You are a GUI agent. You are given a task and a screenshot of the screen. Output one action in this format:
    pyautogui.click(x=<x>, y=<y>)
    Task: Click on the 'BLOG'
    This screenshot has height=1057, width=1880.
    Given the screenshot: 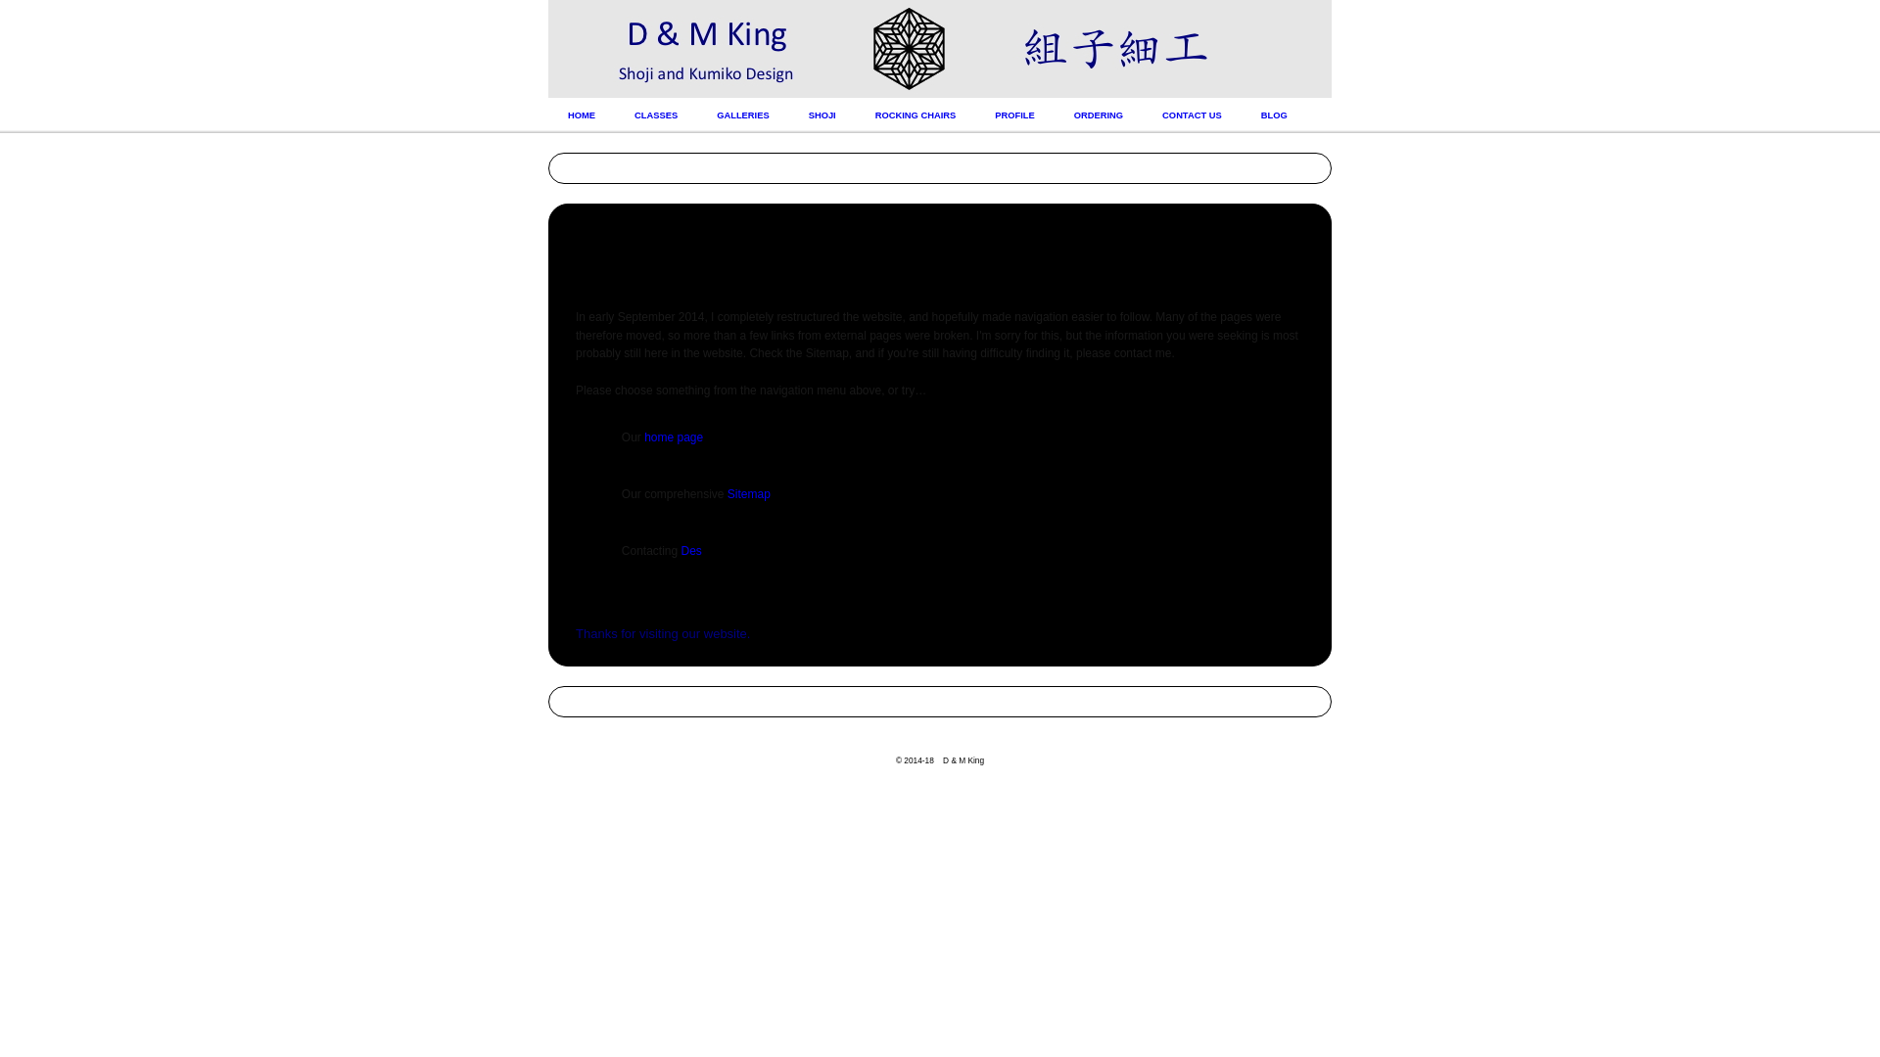 What is the action you would take?
    pyautogui.click(x=1274, y=115)
    